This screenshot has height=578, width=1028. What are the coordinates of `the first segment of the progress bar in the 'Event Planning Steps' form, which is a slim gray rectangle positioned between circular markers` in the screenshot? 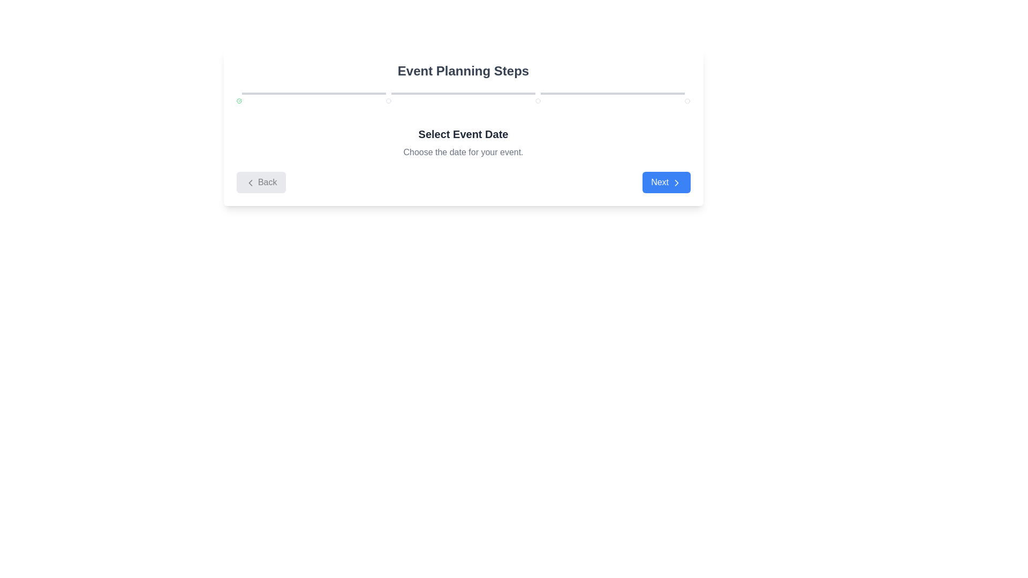 It's located at (313, 93).